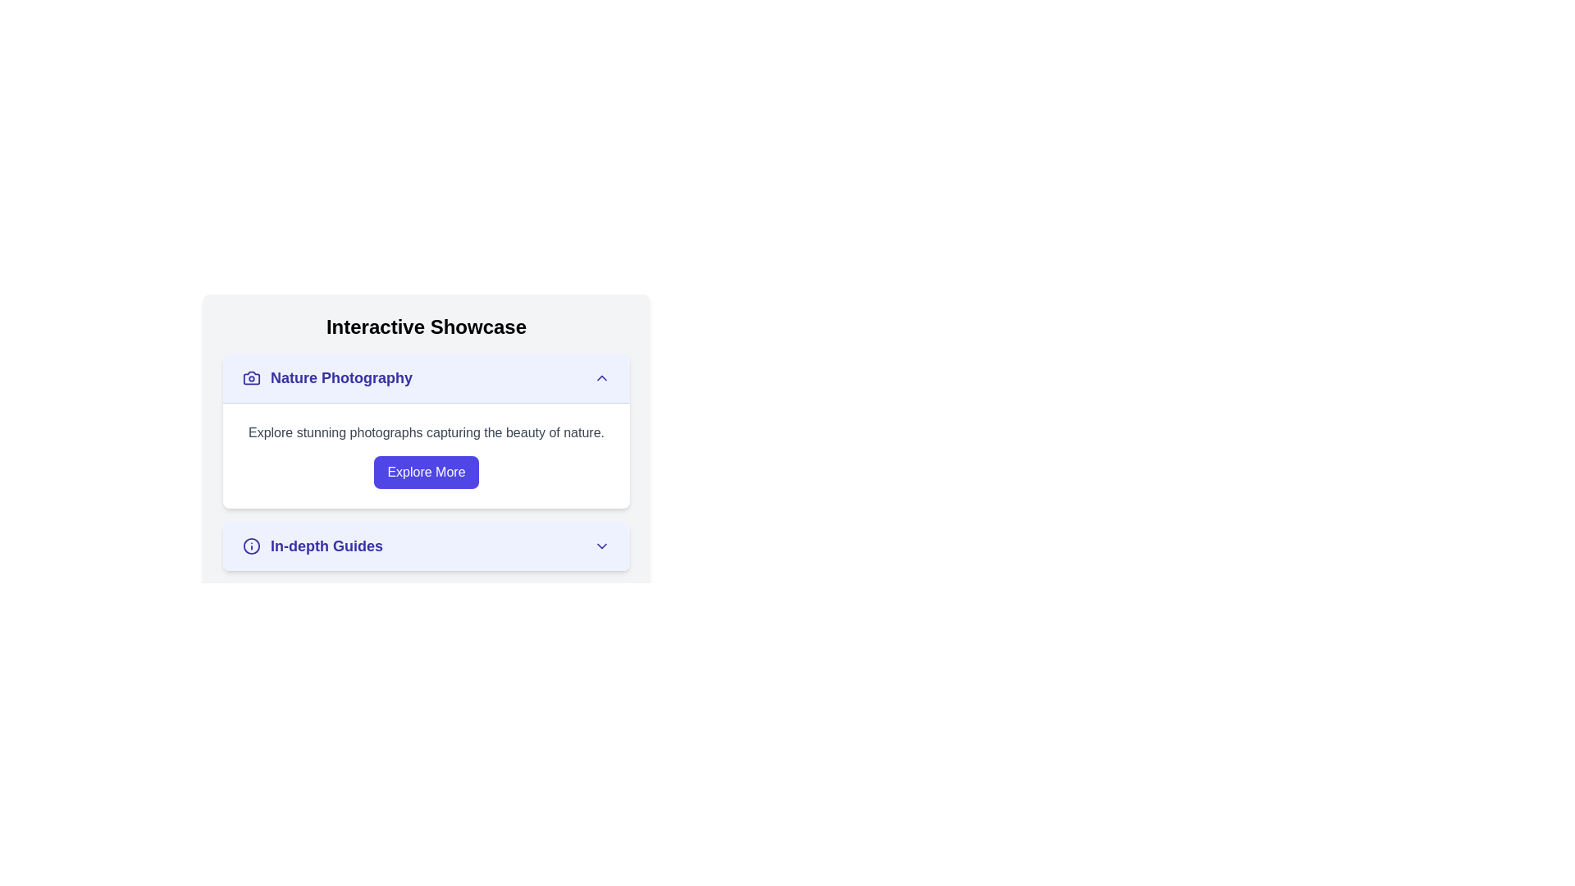 The image size is (1575, 886). Describe the element at coordinates (426, 429) in the screenshot. I see `text within the 'Nature Photography' card, which contains a title in bold indigo text and a descriptive paragraph about nature photography` at that location.